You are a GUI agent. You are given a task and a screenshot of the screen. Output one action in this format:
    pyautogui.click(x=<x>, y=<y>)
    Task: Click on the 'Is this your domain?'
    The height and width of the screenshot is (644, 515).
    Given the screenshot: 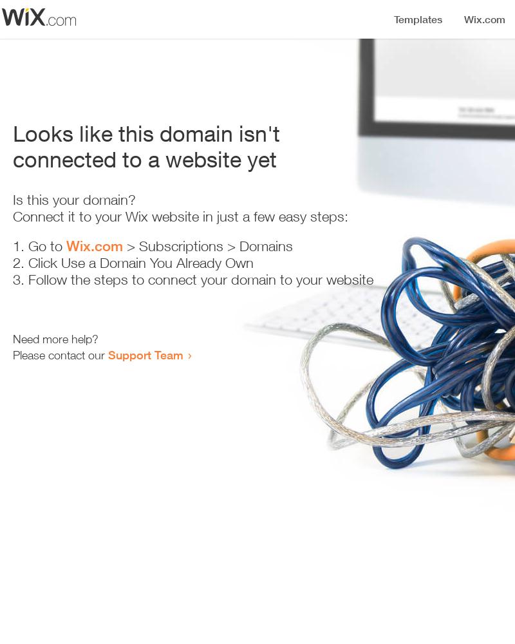 What is the action you would take?
    pyautogui.click(x=13, y=200)
    